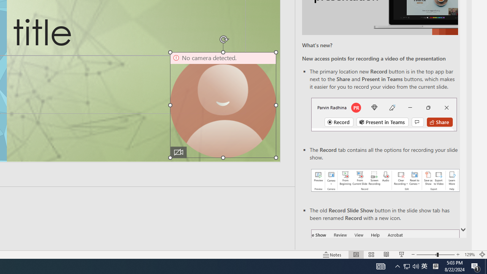 The width and height of the screenshot is (487, 274). I want to click on 'Camera 9, No camera detected.', so click(223, 105).